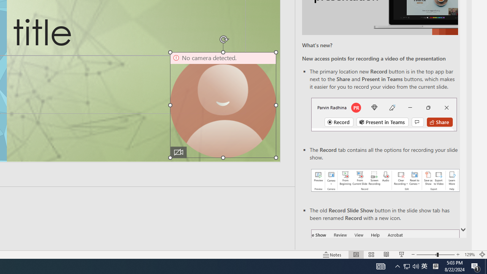 The width and height of the screenshot is (487, 274). I want to click on 'Camera 9, No camera detected.', so click(223, 105).